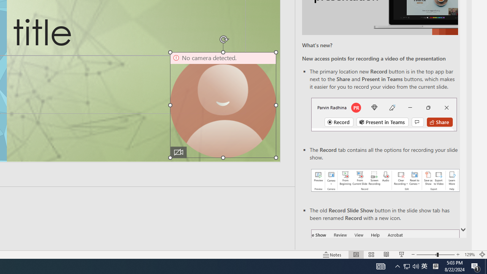 The width and height of the screenshot is (487, 274). I want to click on 'Camera 9, No camera detected.', so click(223, 105).